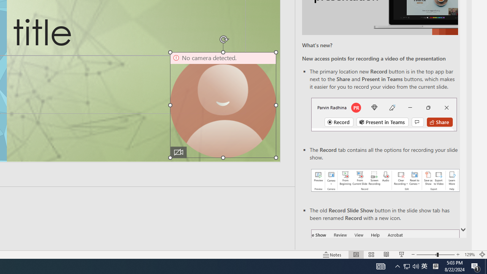 The width and height of the screenshot is (487, 274). I want to click on 'Camera 9, No camera detected.', so click(223, 105).